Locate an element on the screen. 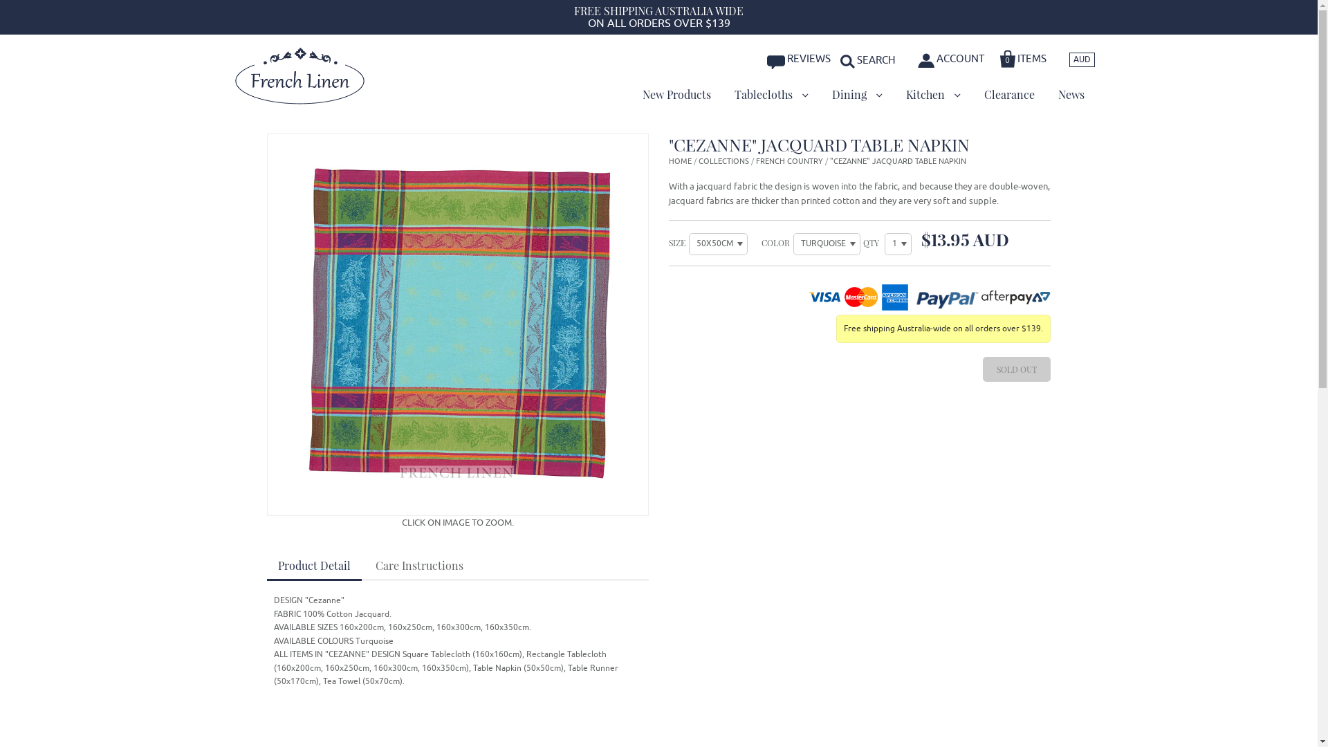 This screenshot has height=747, width=1328. 'HOME' is located at coordinates (680, 160).